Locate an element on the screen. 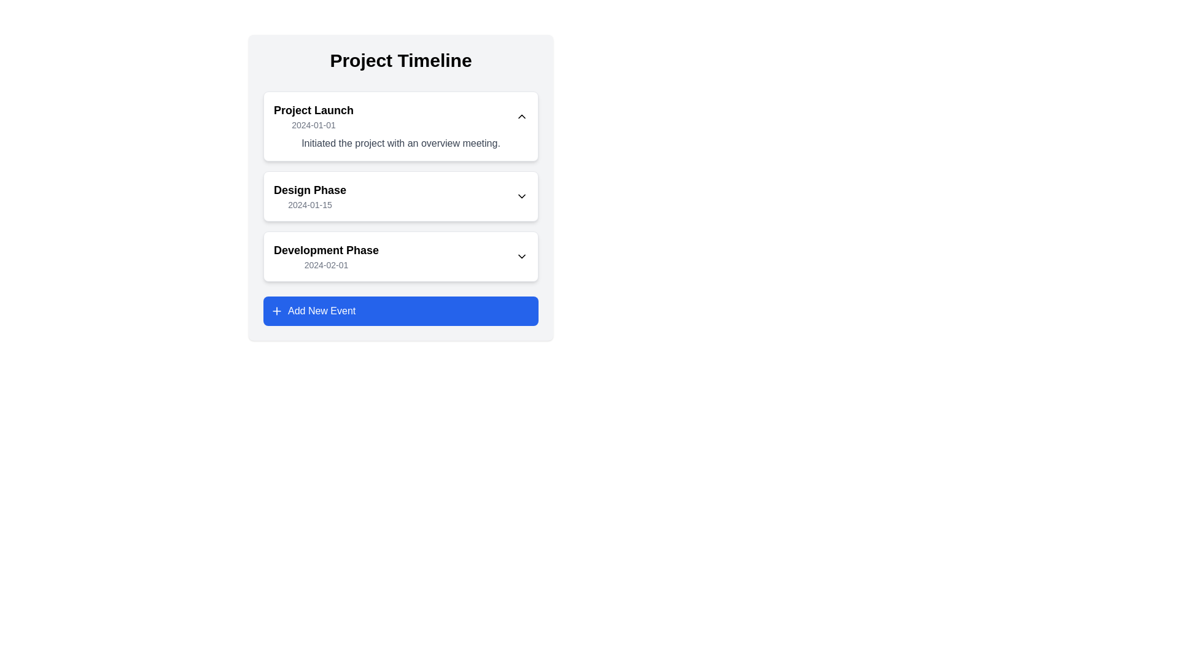 This screenshot has height=663, width=1179. the Chevron icon in the dropdown toggle button is located at coordinates (521, 255).